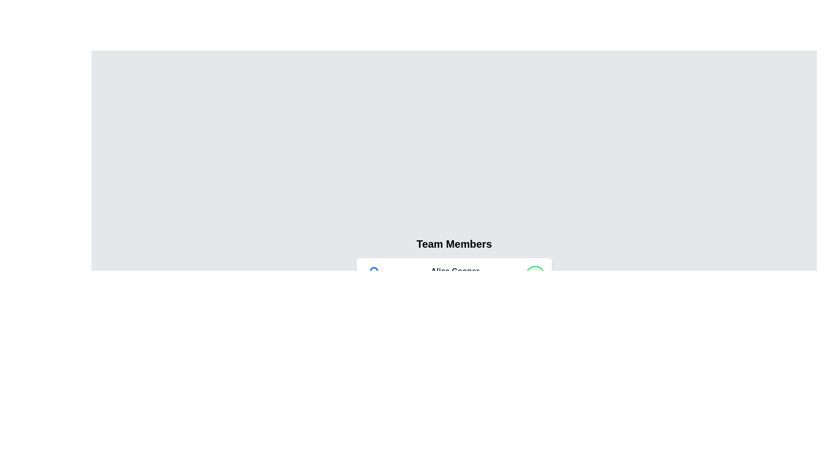 The image size is (837, 471). What do you see at coordinates (454, 270) in the screenshot?
I see `name displayed in the text label that identifies 'Alice Cooper', which is positioned above the text 'Leader' in the UI` at bounding box center [454, 270].